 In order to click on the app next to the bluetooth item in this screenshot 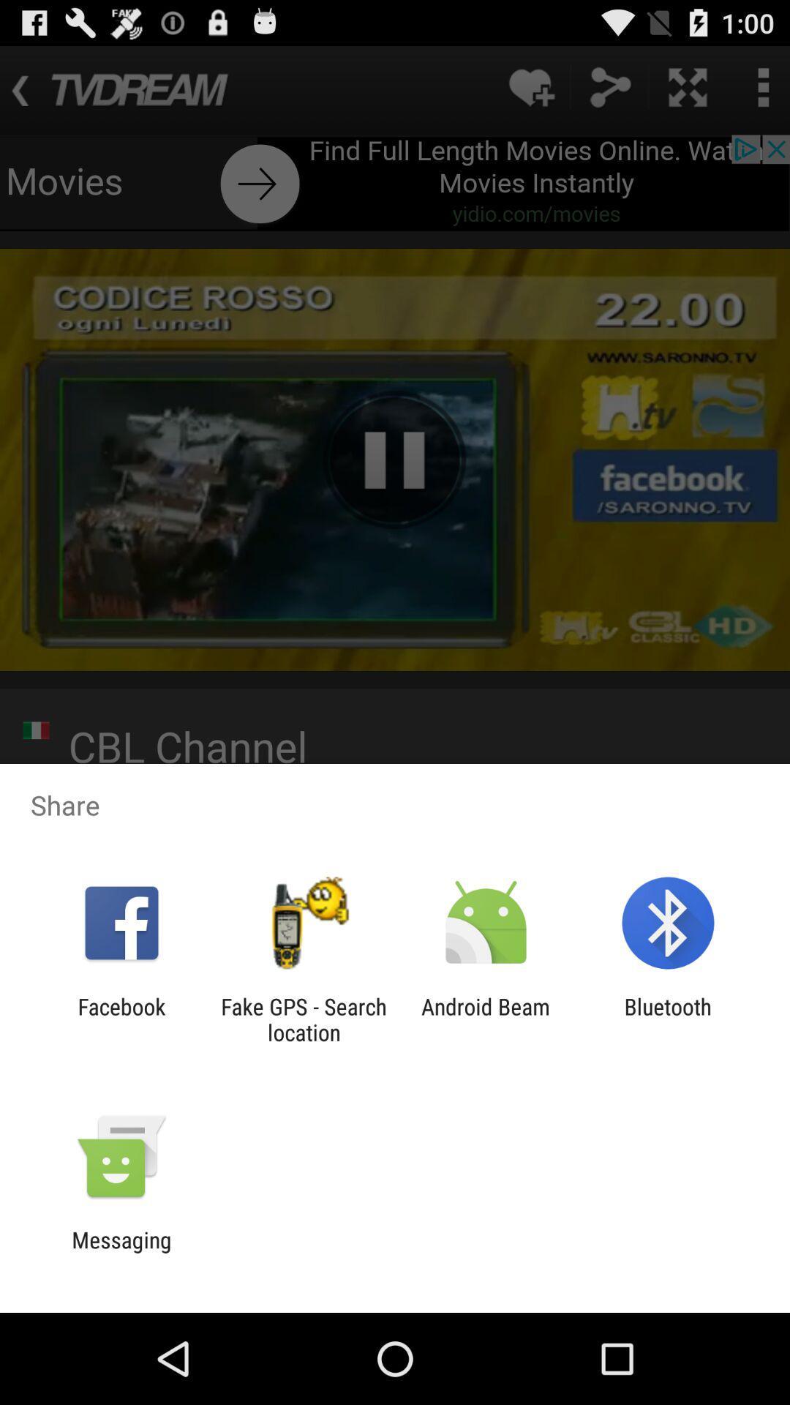, I will do `click(486, 1019)`.